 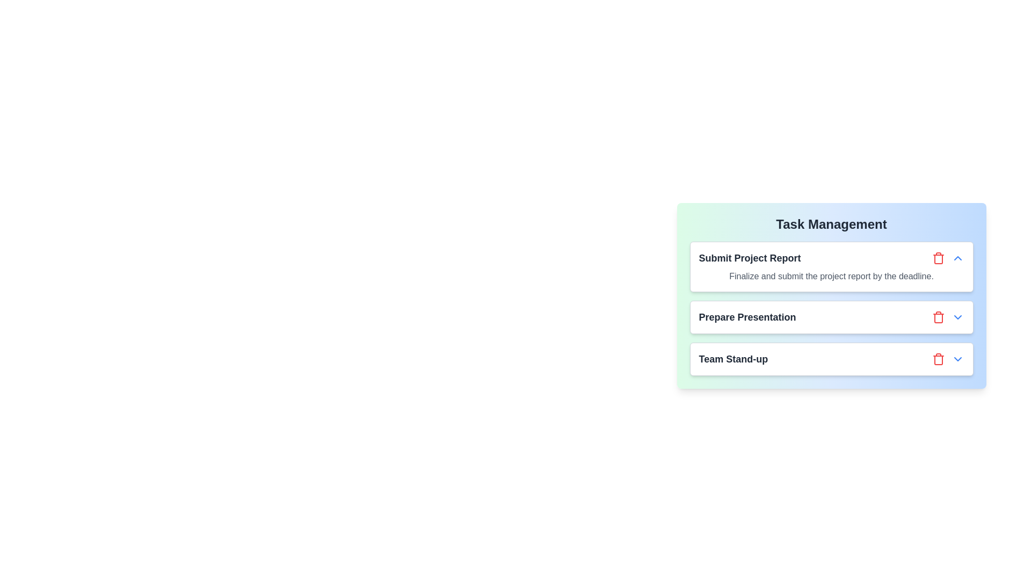 I want to click on the blue chevron-down icon, so click(x=957, y=316).